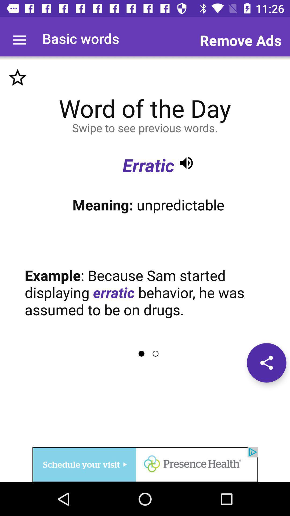 The width and height of the screenshot is (290, 516). What do you see at coordinates (186, 163) in the screenshot?
I see `listen` at bounding box center [186, 163].